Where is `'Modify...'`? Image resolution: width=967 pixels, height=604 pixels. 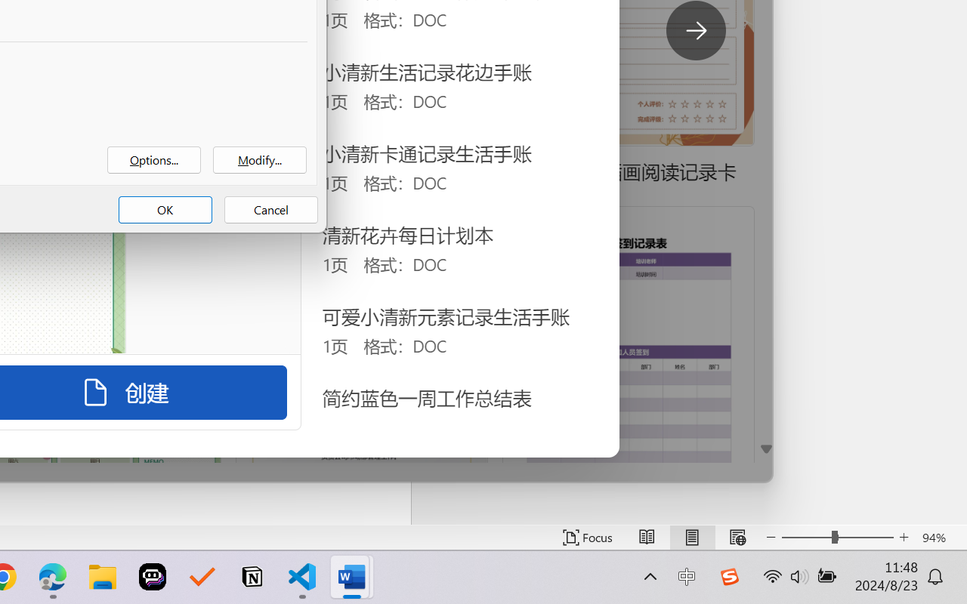
'Modify...' is located at coordinates (260, 160).